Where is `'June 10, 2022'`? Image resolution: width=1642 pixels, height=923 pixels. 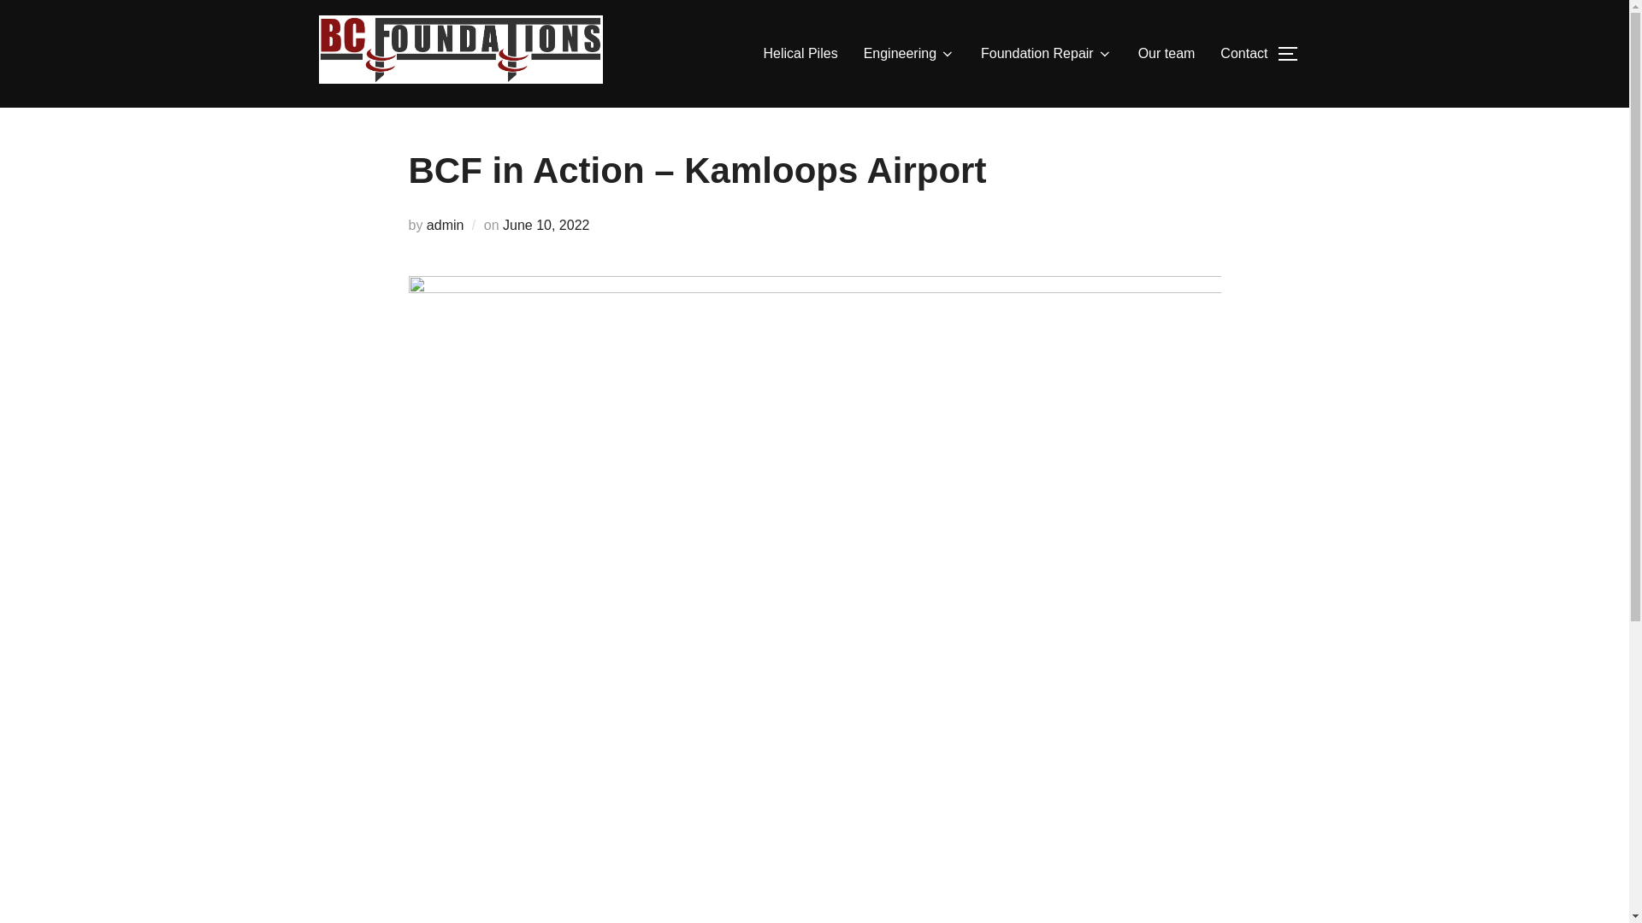
'June 10, 2022' is located at coordinates (545, 224).